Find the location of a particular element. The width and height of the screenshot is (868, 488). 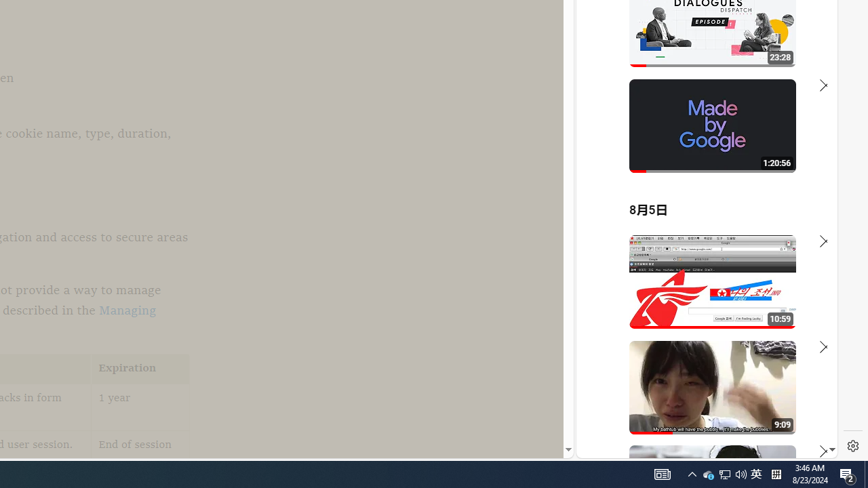

'End of session' is located at coordinates (140, 453).